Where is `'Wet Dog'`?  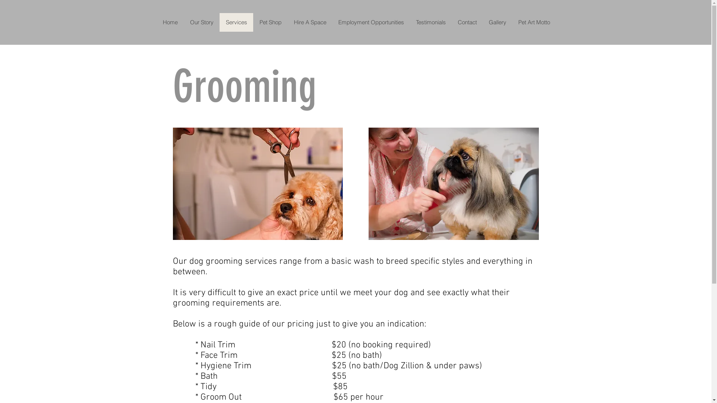 'Wet Dog' is located at coordinates (453, 184).